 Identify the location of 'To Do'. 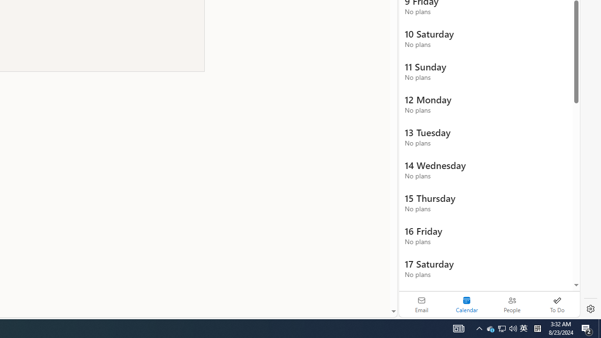
(557, 304).